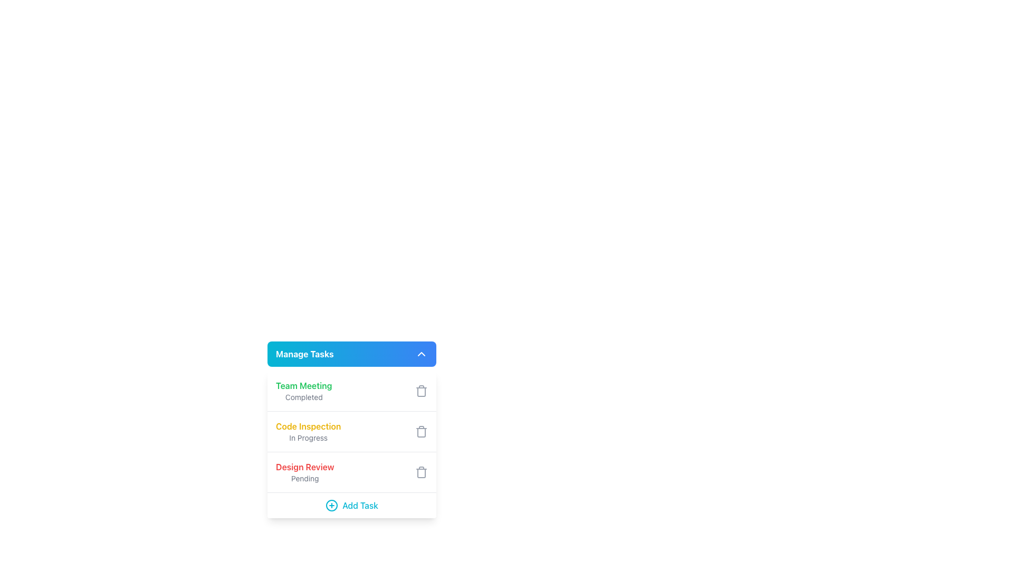  What do you see at coordinates (421, 431) in the screenshot?
I see `the trash icon at the far right end of the 'Code Inspection' row` at bounding box center [421, 431].